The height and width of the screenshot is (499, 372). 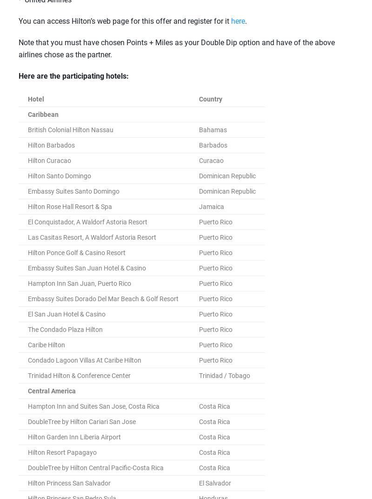 I want to click on 'Hilton Curacao', so click(x=49, y=160).